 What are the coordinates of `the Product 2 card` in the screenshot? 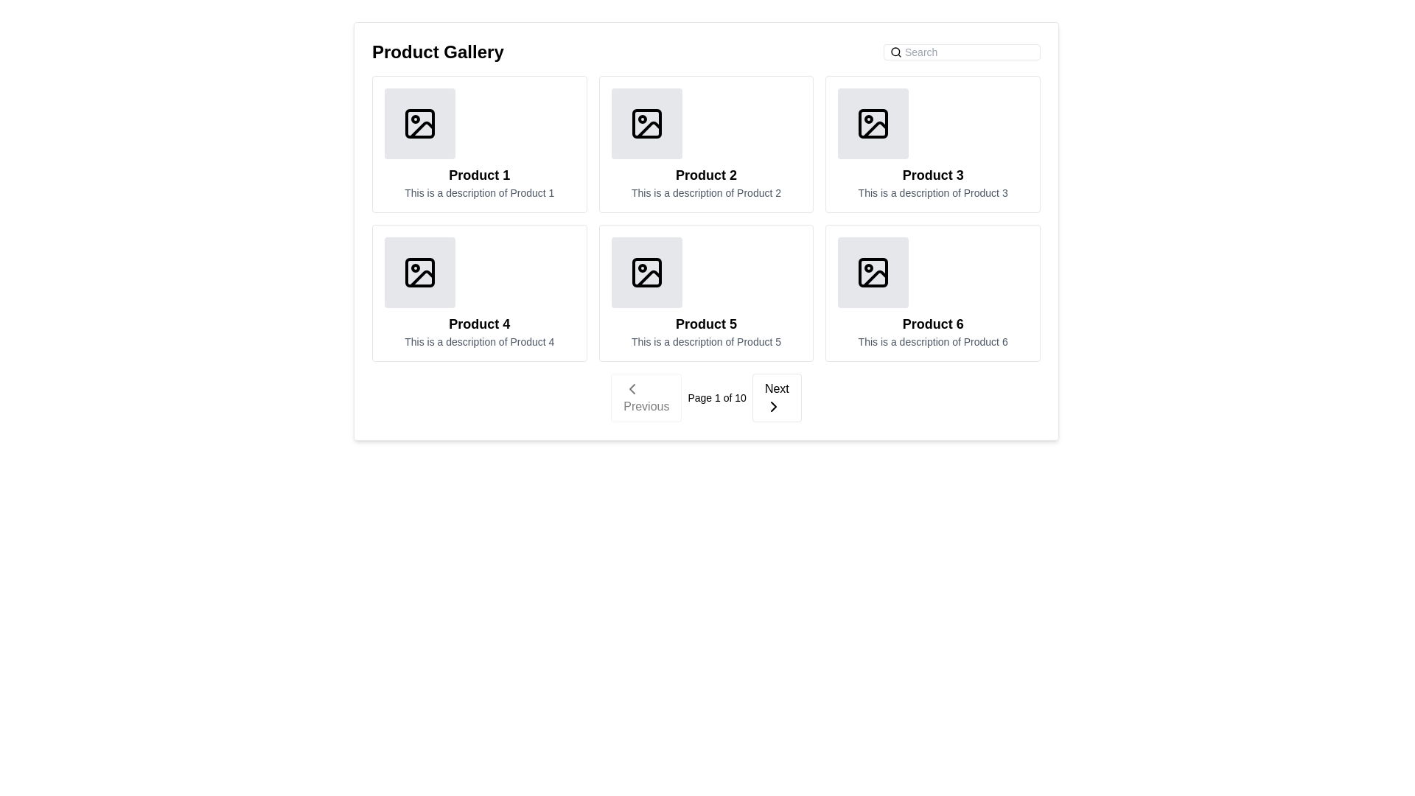 It's located at (705, 144).